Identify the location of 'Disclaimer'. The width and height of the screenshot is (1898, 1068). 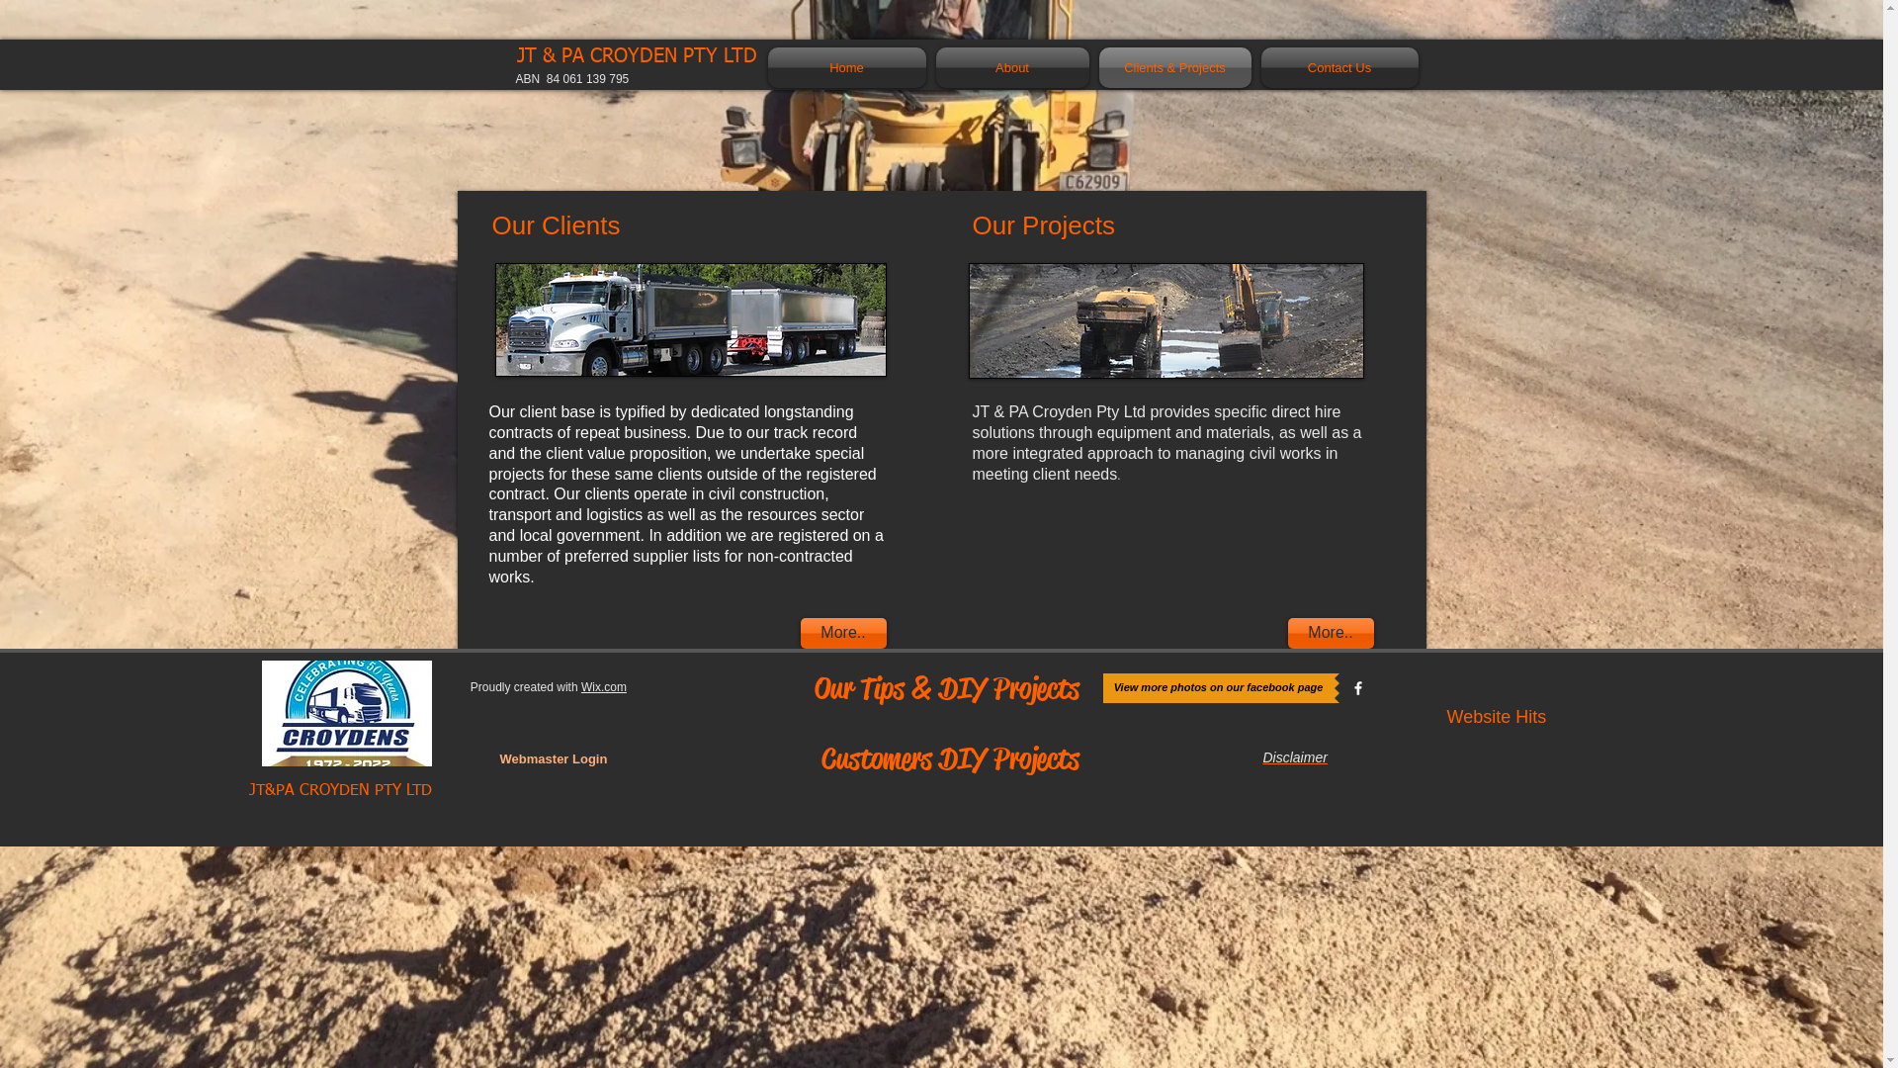
(1295, 756).